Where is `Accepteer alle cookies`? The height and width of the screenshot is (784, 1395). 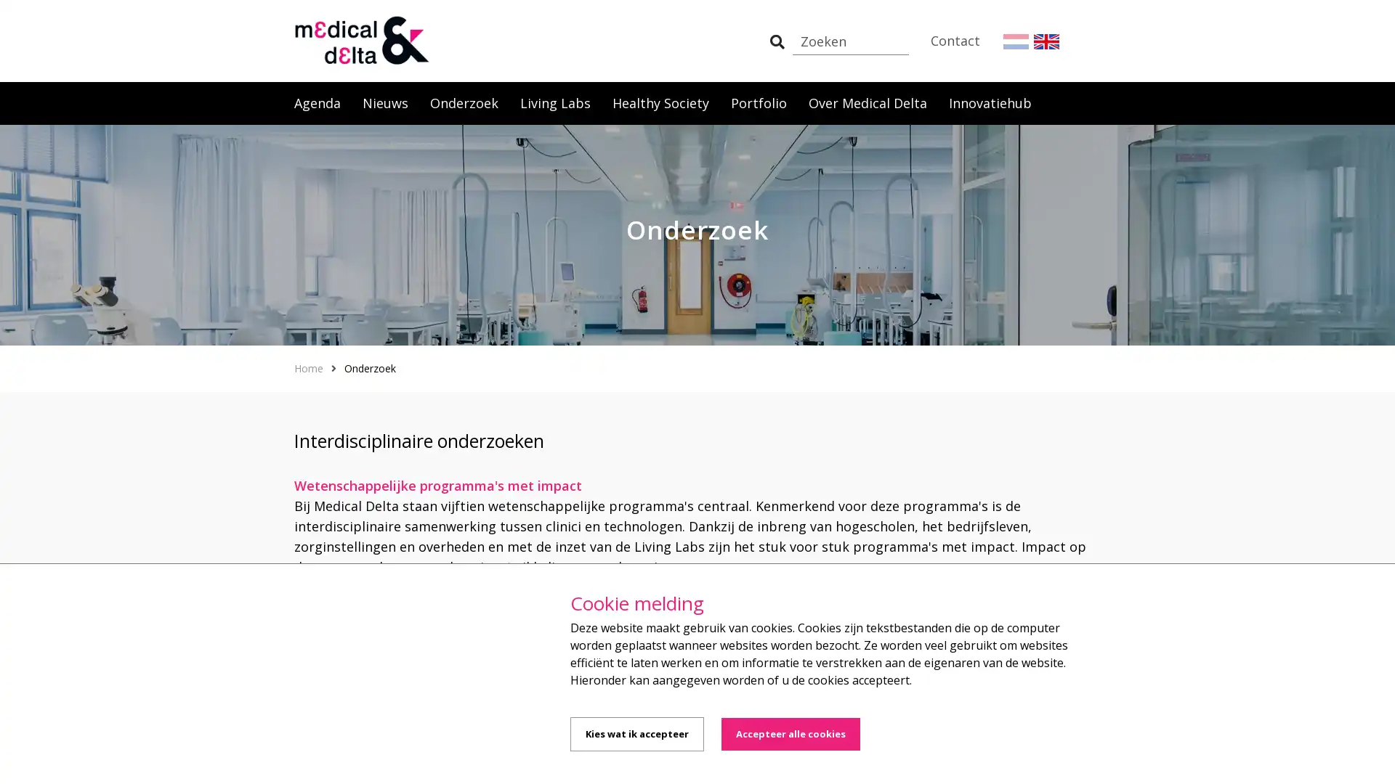
Accepteer alle cookies is located at coordinates (790, 734).